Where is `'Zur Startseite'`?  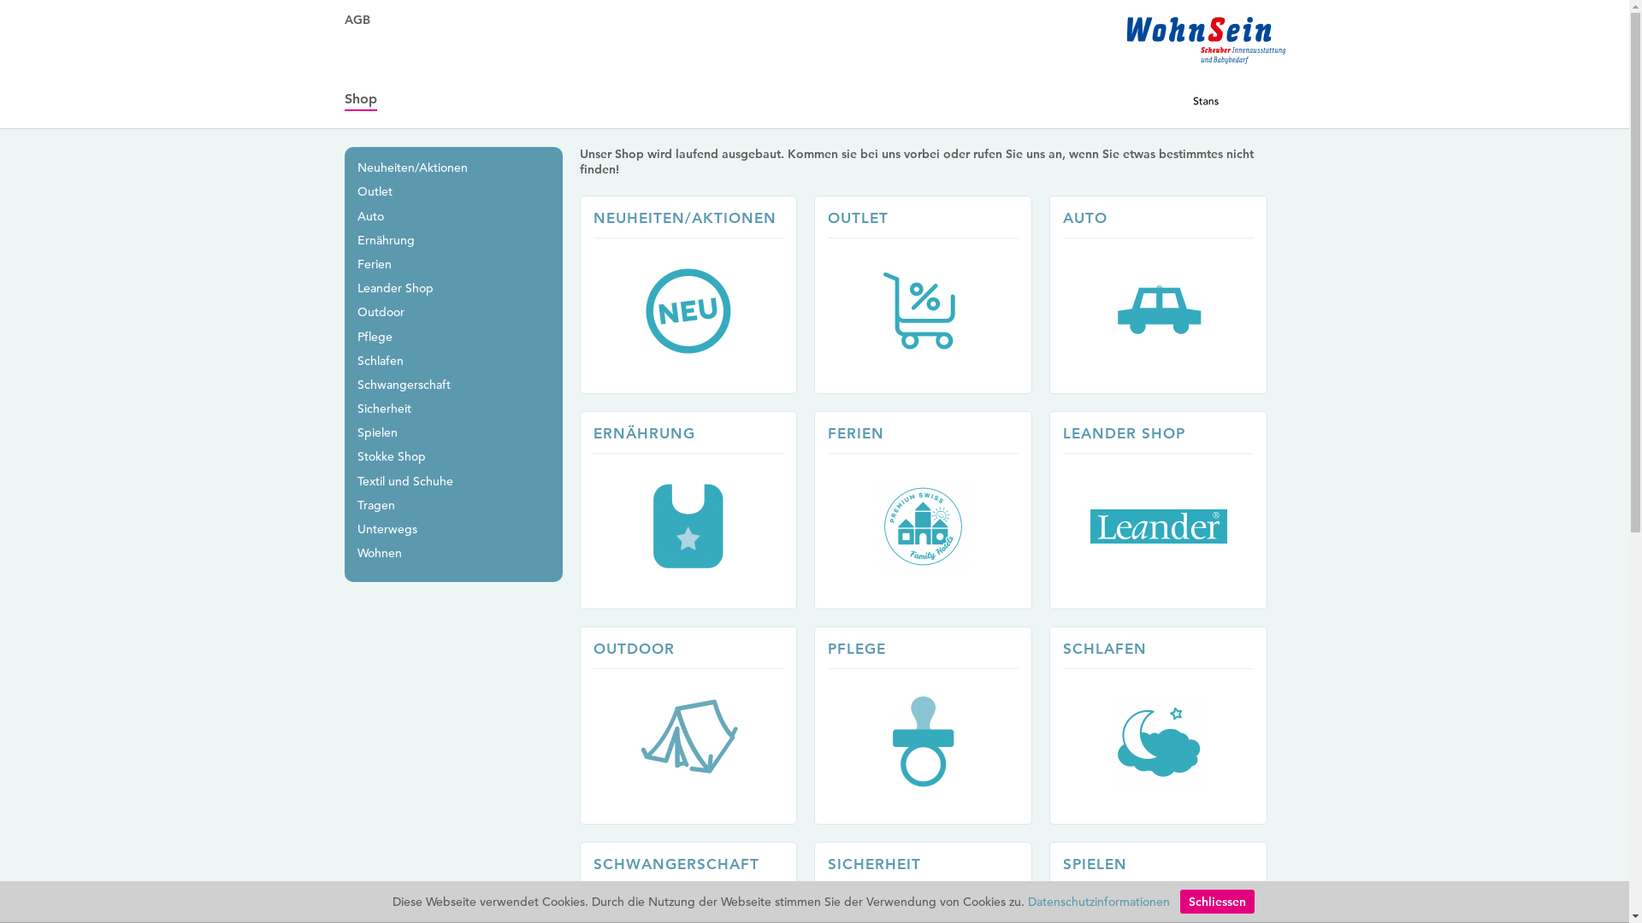
'Zur Startseite' is located at coordinates (1127, 62).